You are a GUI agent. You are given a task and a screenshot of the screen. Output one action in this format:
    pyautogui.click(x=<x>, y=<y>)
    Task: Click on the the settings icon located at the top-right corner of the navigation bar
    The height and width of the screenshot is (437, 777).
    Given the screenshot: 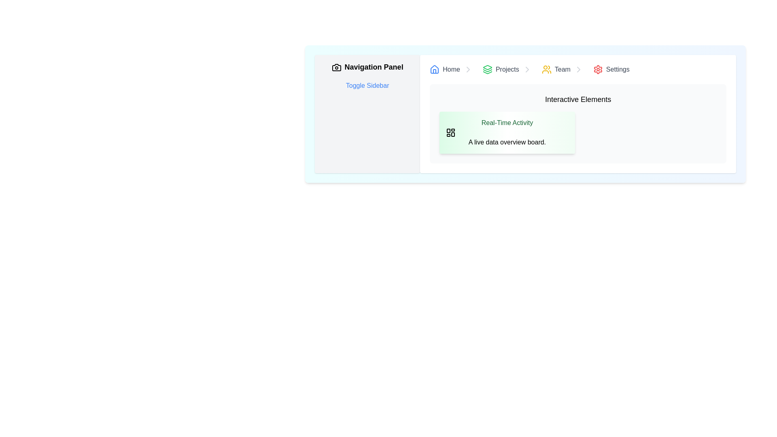 What is the action you would take?
    pyautogui.click(x=598, y=69)
    